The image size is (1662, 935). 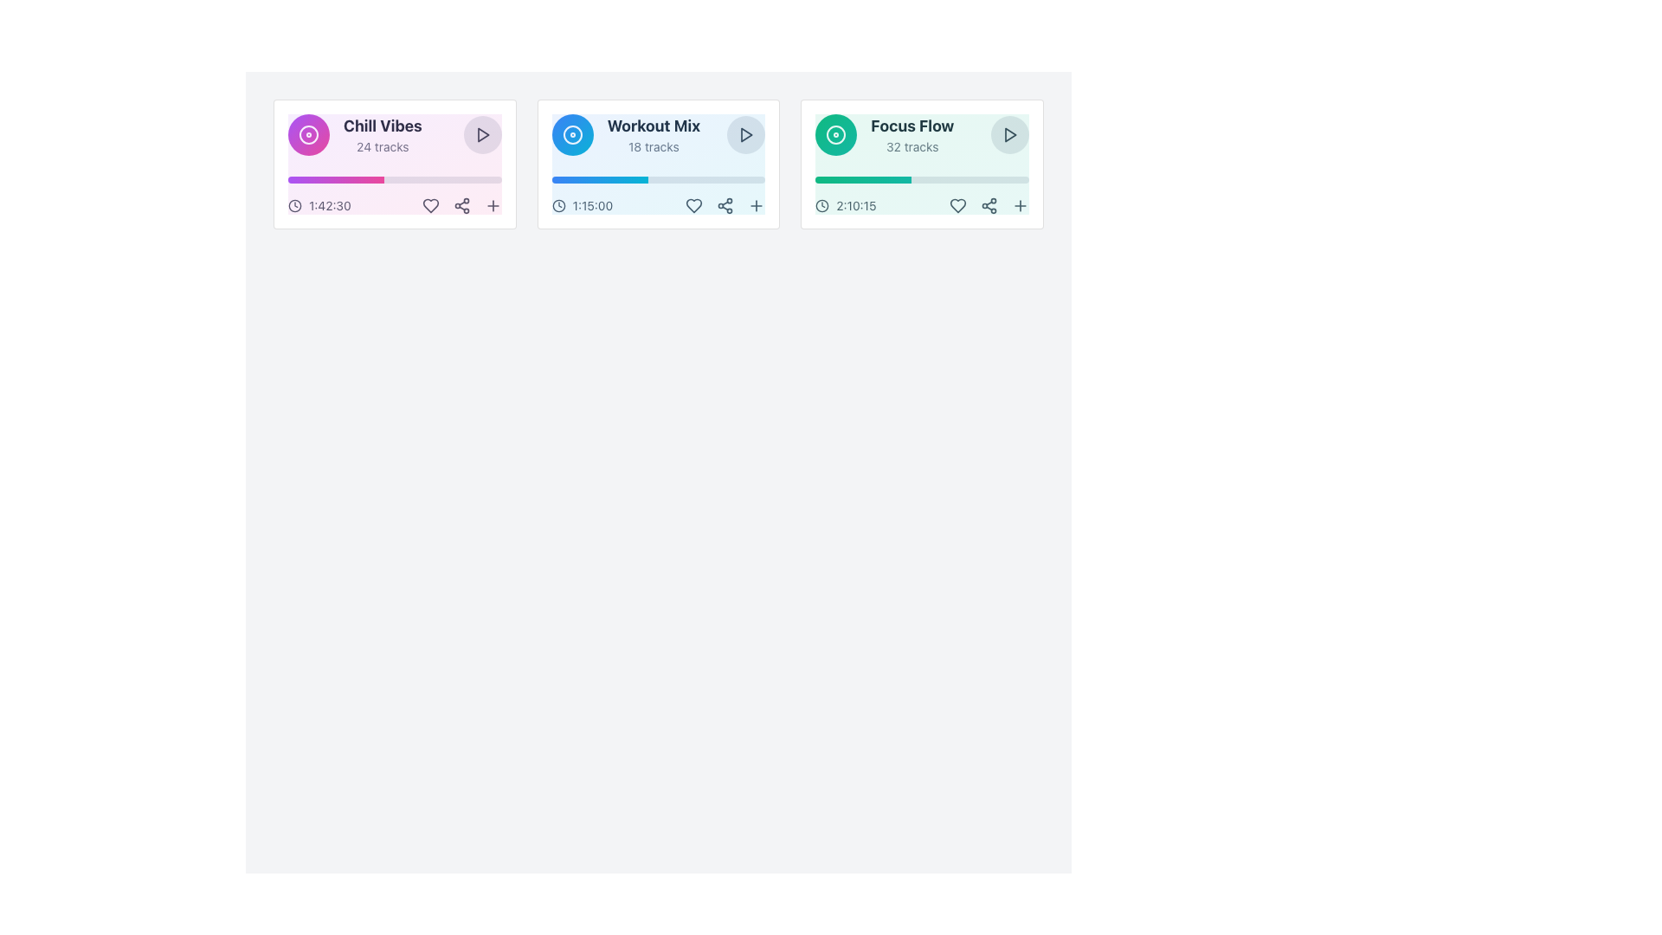 I want to click on the label that describes the playlist, which is positioned in the upper center area of the first playlist card, next to a circular icon, so click(x=382, y=133).